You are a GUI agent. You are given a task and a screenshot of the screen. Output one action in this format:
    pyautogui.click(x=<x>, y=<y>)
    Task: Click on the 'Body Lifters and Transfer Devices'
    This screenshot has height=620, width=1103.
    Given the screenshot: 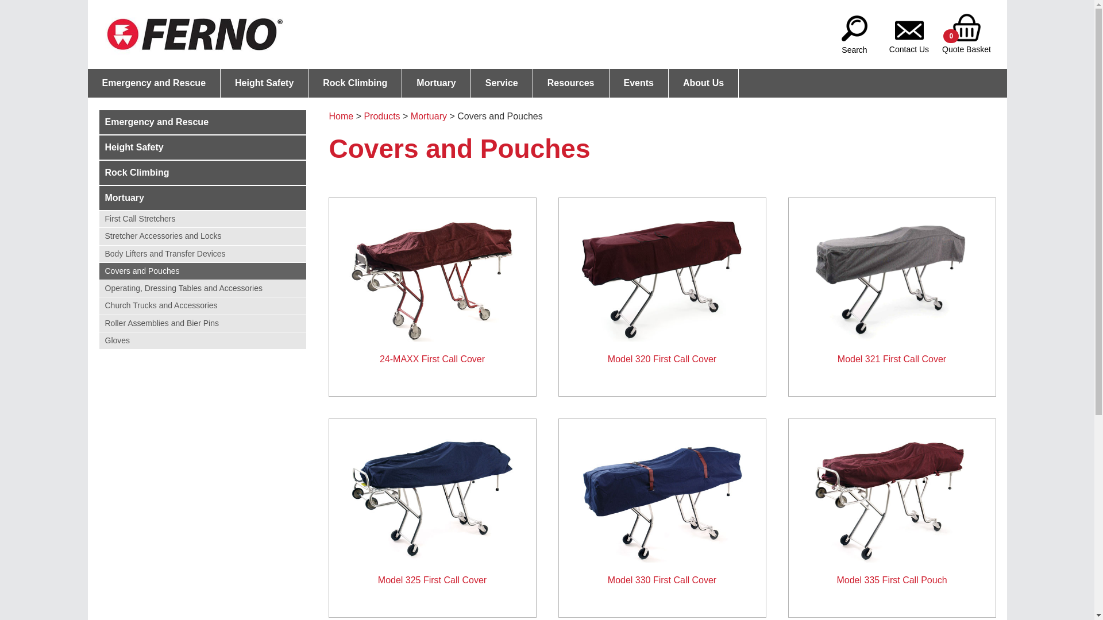 What is the action you would take?
    pyautogui.click(x=202, y=253)
    